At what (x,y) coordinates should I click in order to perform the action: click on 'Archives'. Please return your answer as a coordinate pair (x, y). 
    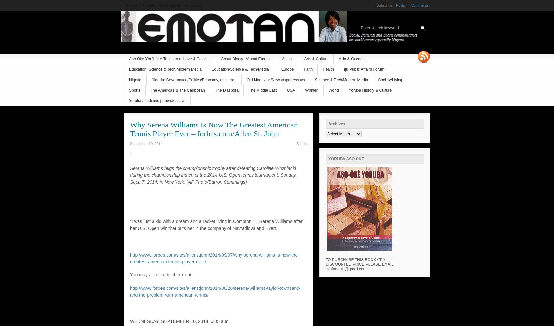
    Looking at the image, I should click on (336, 124).